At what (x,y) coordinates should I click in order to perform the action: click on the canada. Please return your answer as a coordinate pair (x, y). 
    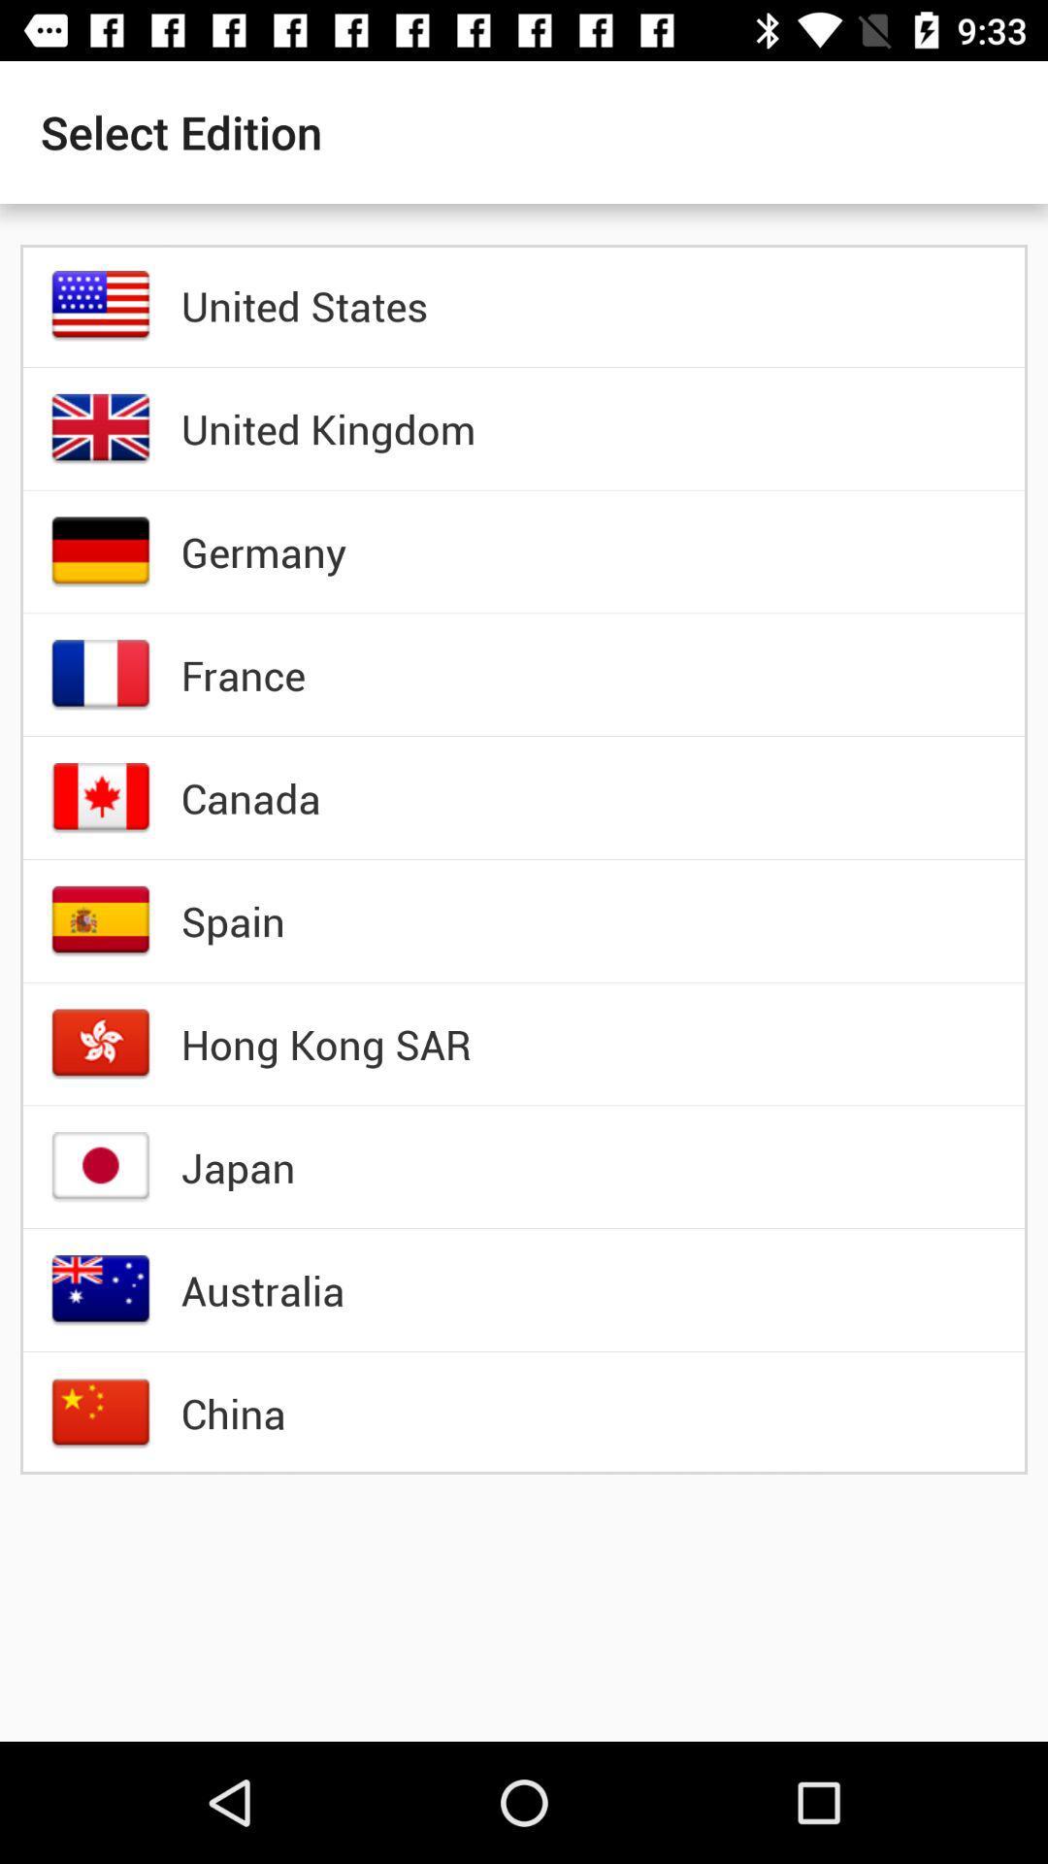
    Looking at the image, I should click on (249, 797).